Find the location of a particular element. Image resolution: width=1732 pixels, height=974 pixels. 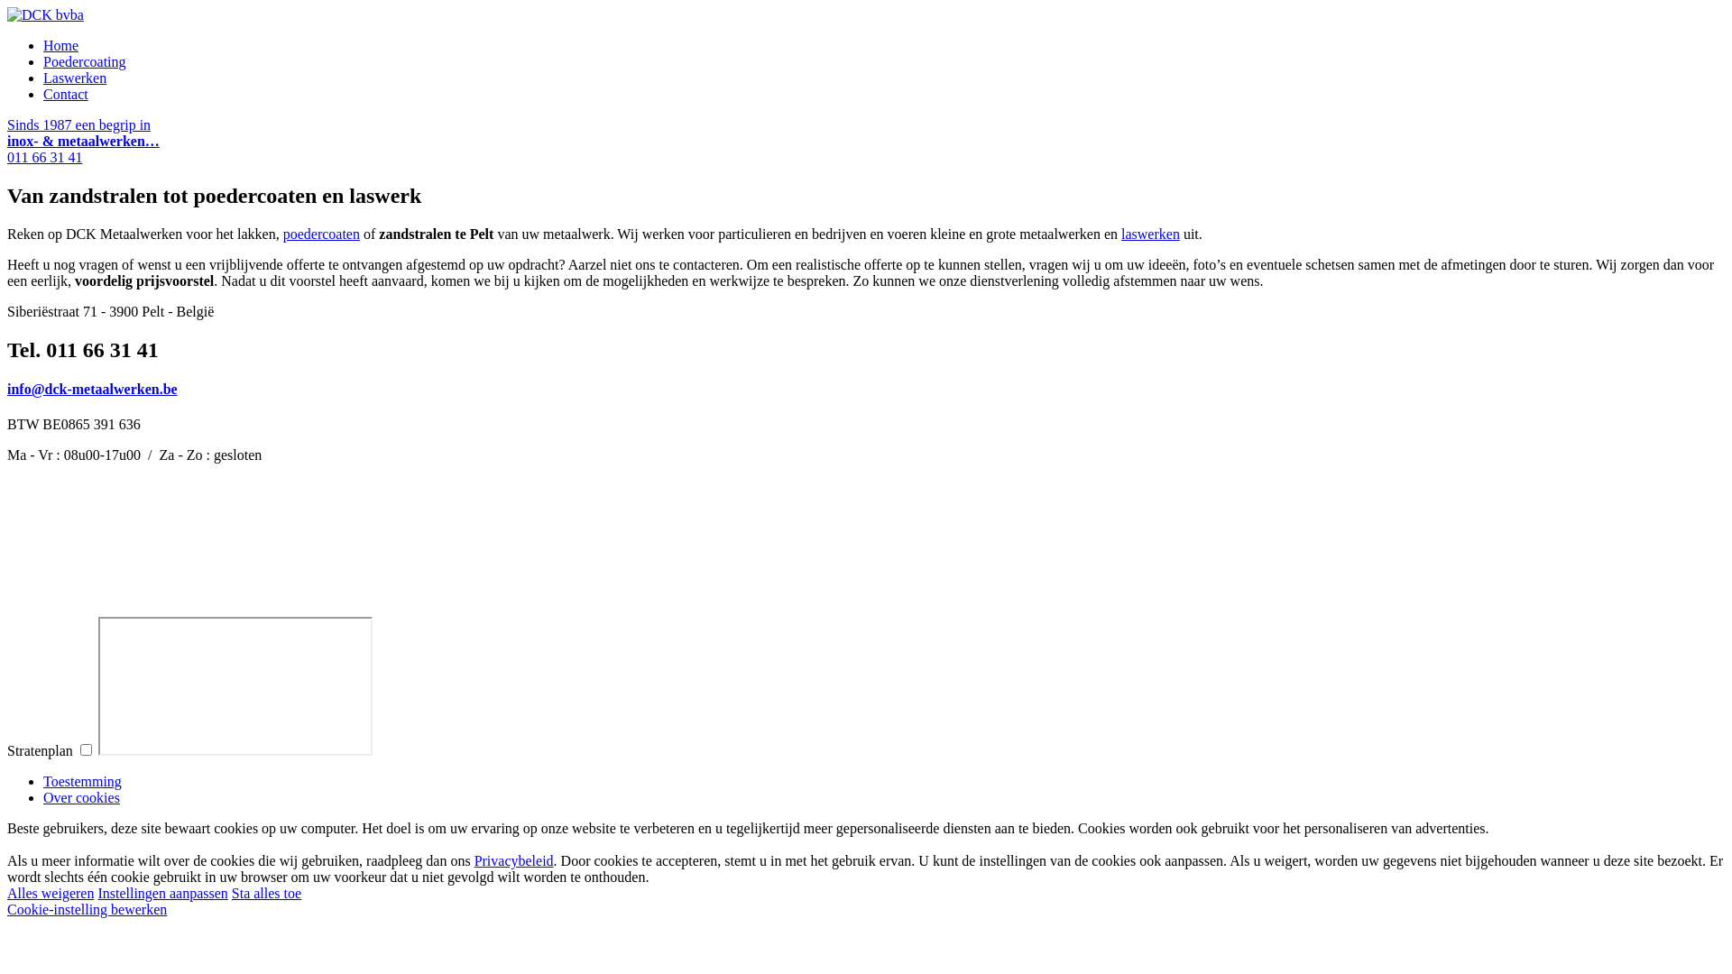

'info@dck-metaalwerken.be' is located at coordinates (91, 388).